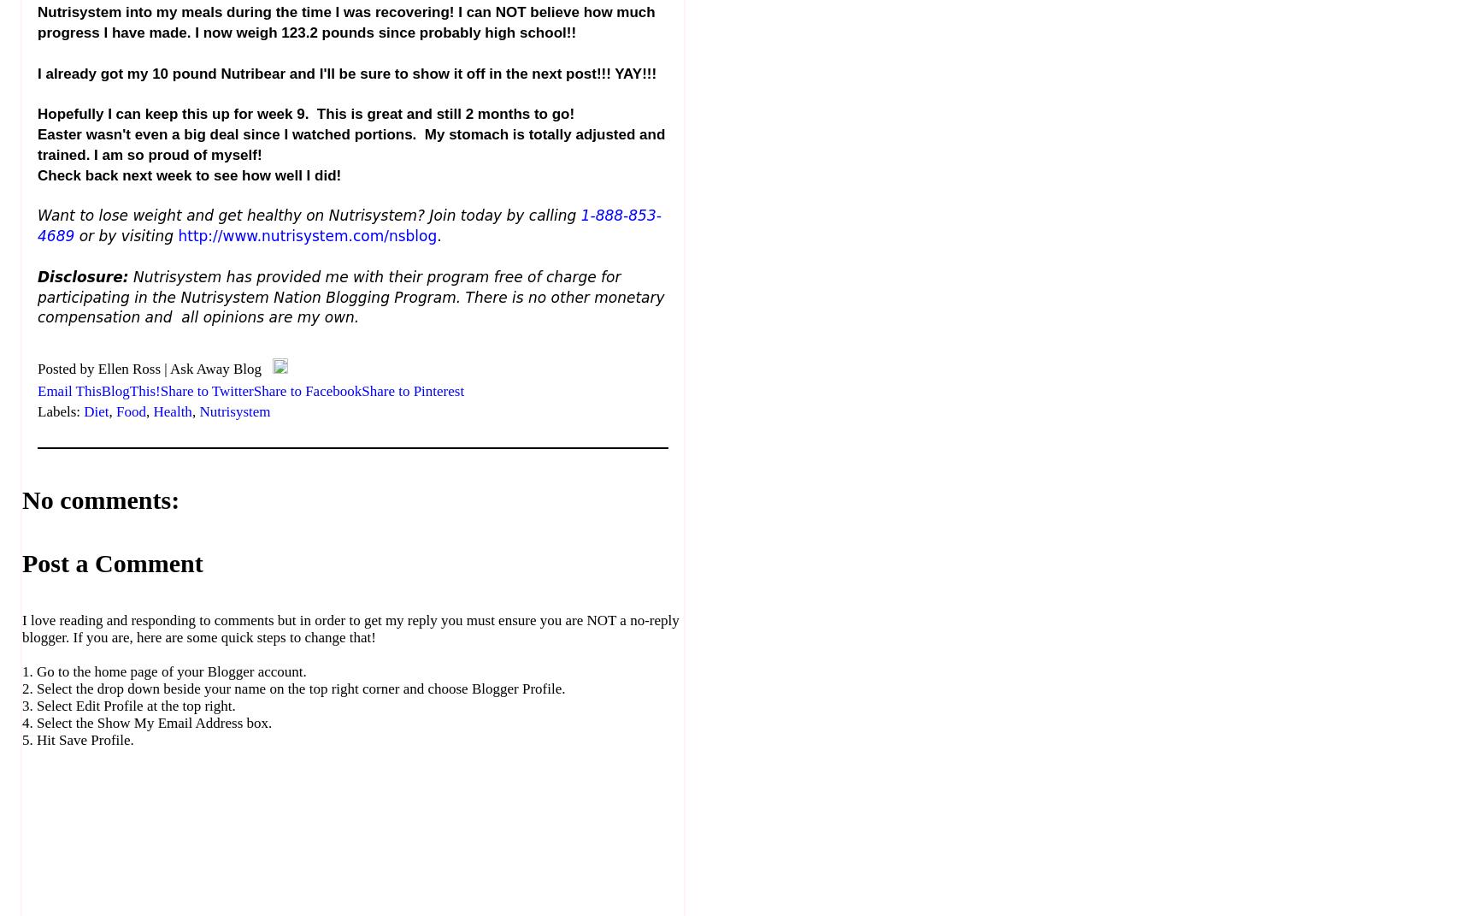  What do you see at coordinates (38, 226) in the screenshot?
I see `'1-888-853-4689'` at bounding box center [38, 226].